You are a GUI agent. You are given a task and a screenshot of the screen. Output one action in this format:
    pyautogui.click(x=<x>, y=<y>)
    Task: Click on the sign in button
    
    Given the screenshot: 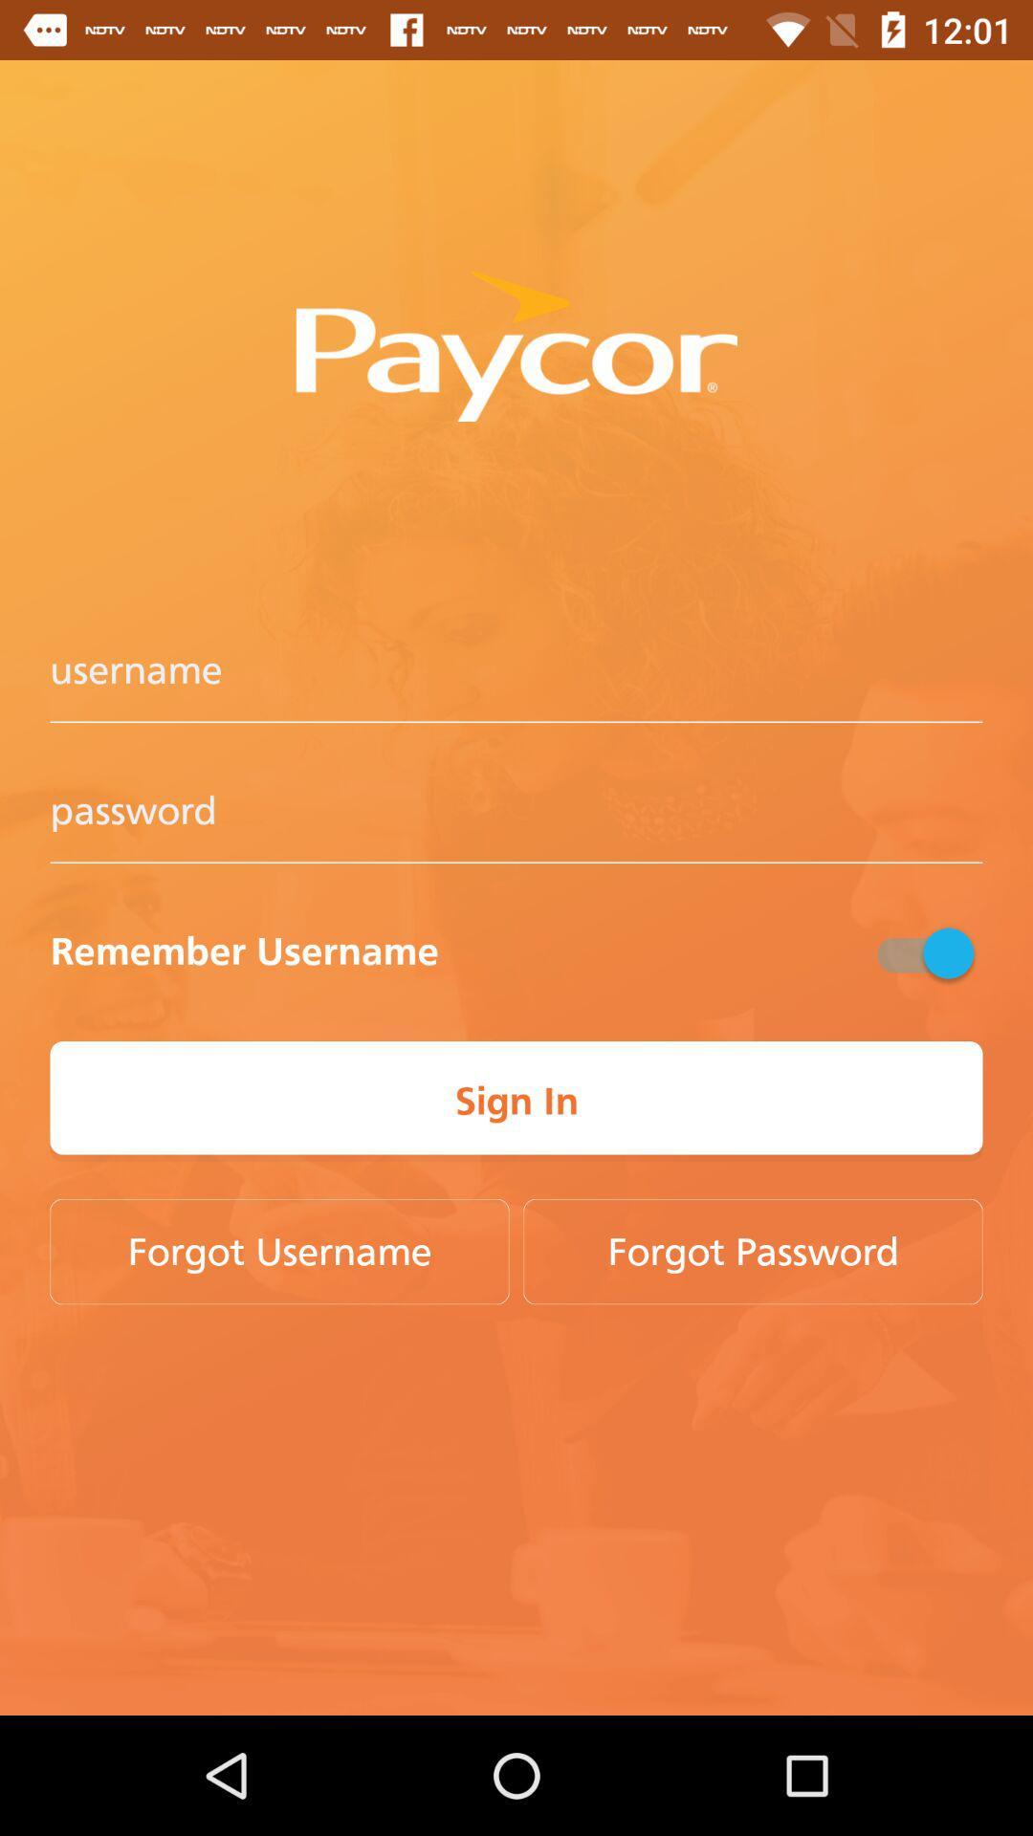 What is the action you would take?
    pyautogui.click(x=516, y=1102)
    